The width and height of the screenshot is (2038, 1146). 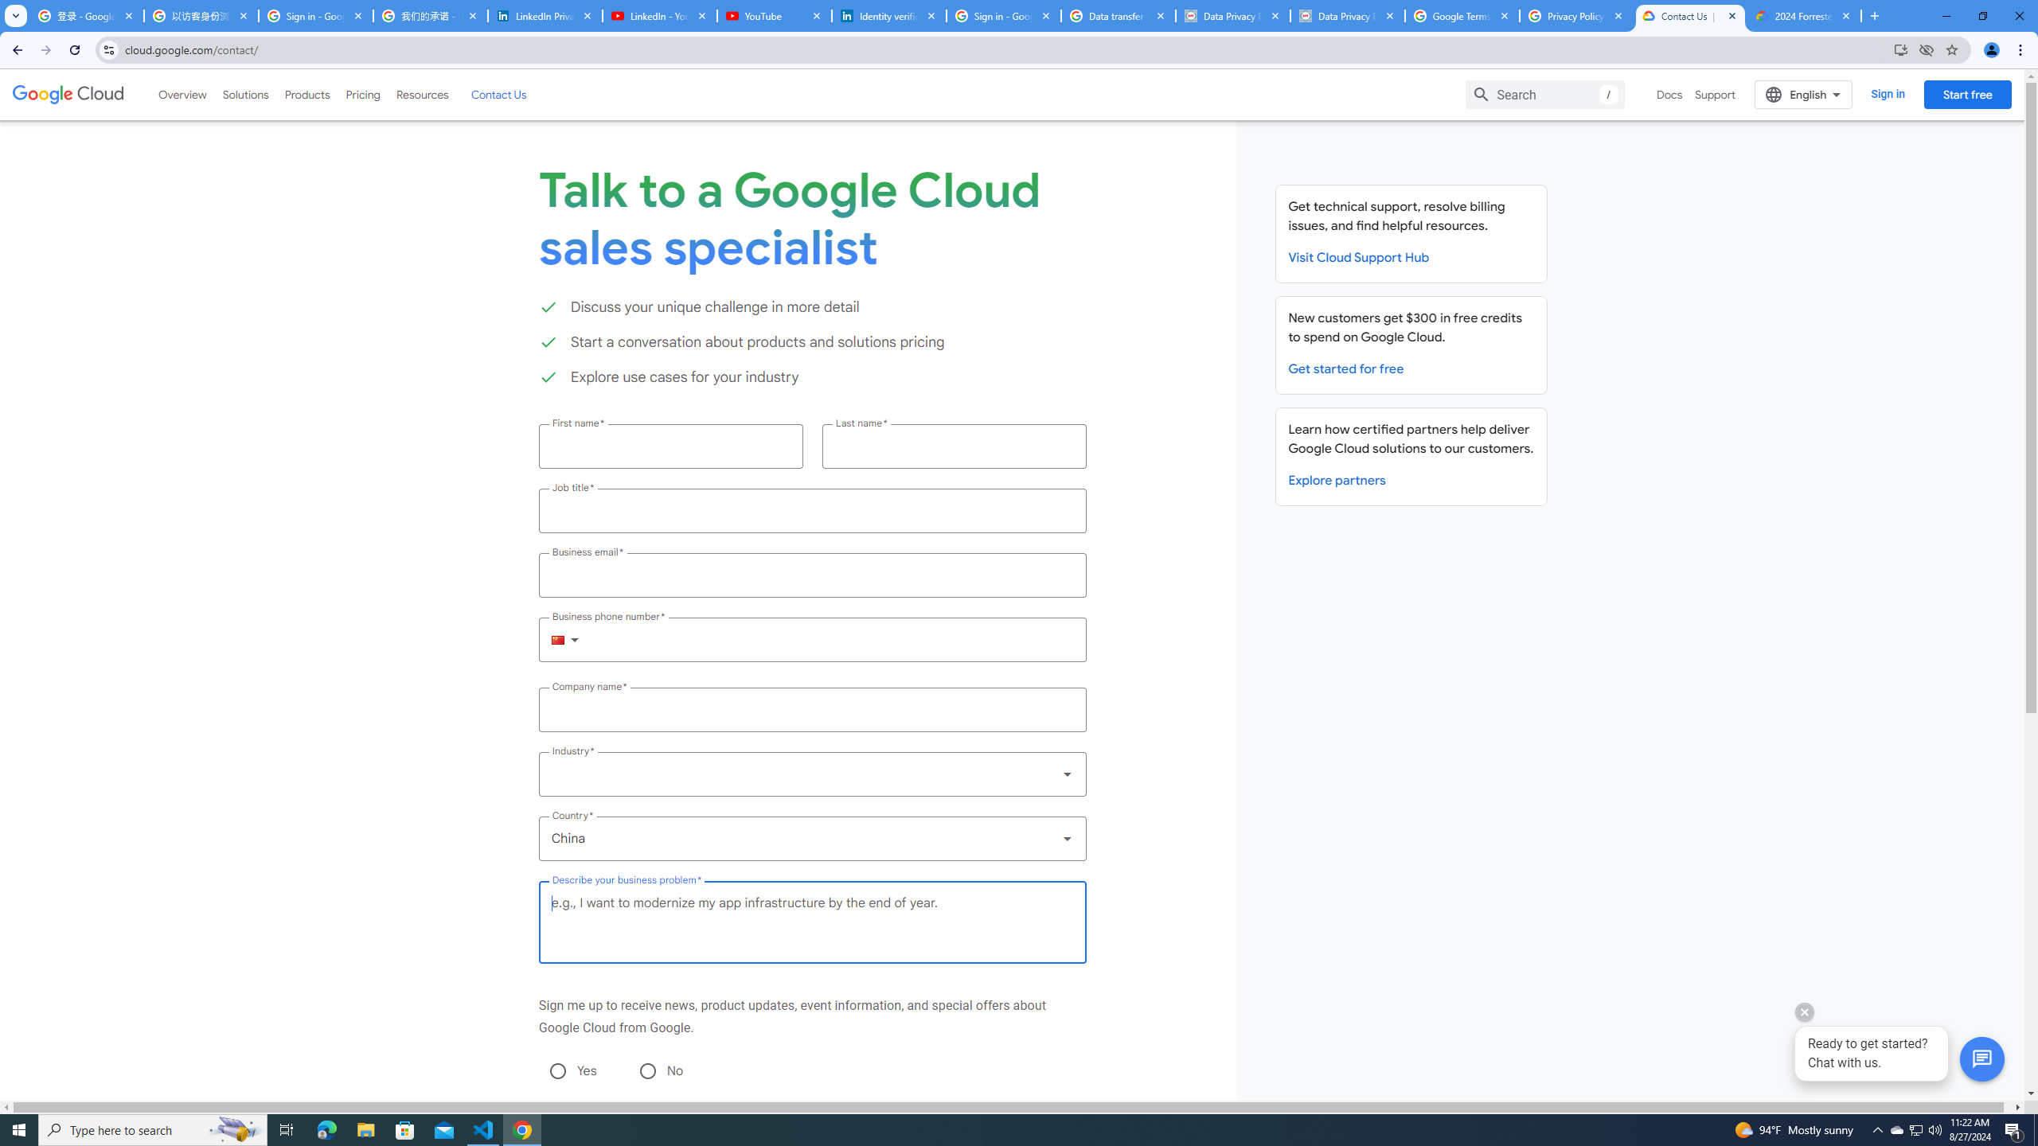 I want to click on 'Install Google Cloud', so click(x=1901, y=49).